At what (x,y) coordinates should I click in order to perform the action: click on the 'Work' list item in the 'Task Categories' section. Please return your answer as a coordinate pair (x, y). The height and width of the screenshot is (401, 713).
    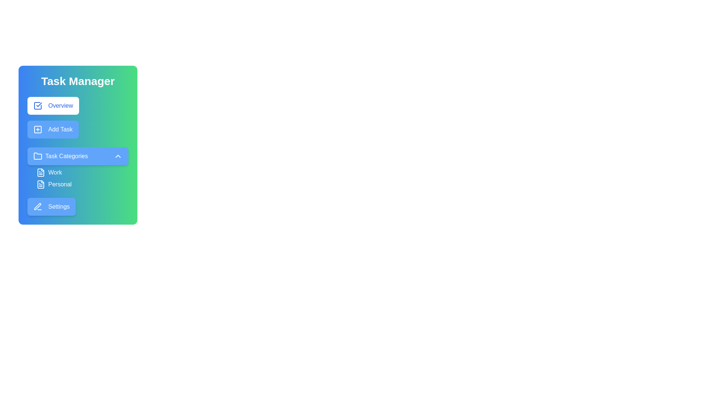
    Looking at the image, I should click on (82, 173).